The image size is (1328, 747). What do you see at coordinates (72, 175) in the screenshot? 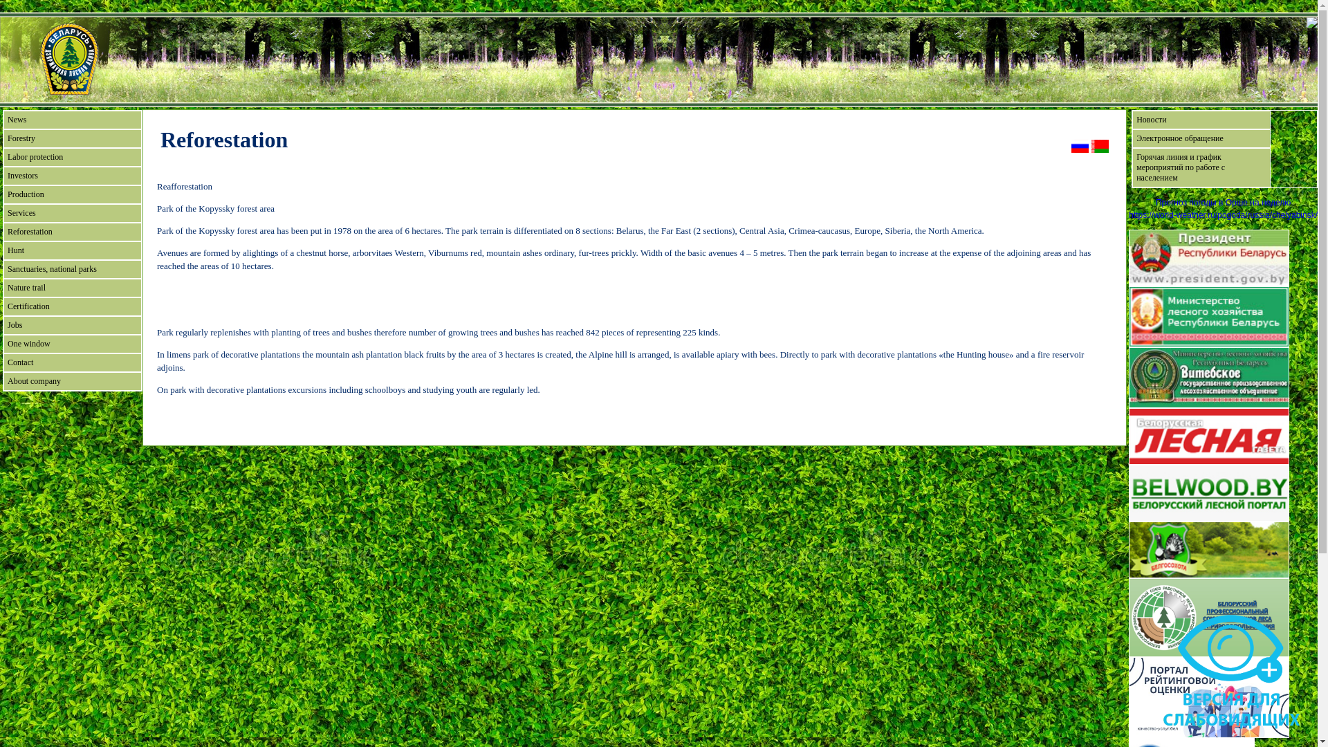
I see `'Investors'` at bounding box center [72, 175].